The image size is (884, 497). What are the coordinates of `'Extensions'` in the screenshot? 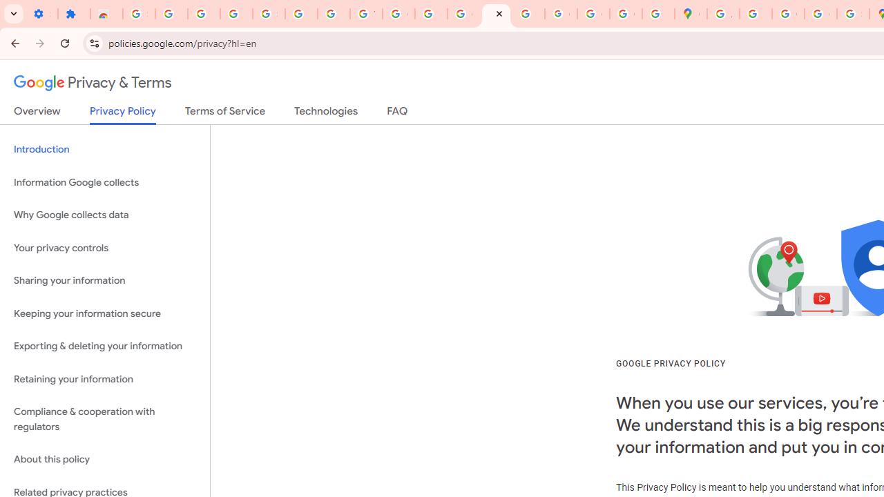 It's located at (73, 14).